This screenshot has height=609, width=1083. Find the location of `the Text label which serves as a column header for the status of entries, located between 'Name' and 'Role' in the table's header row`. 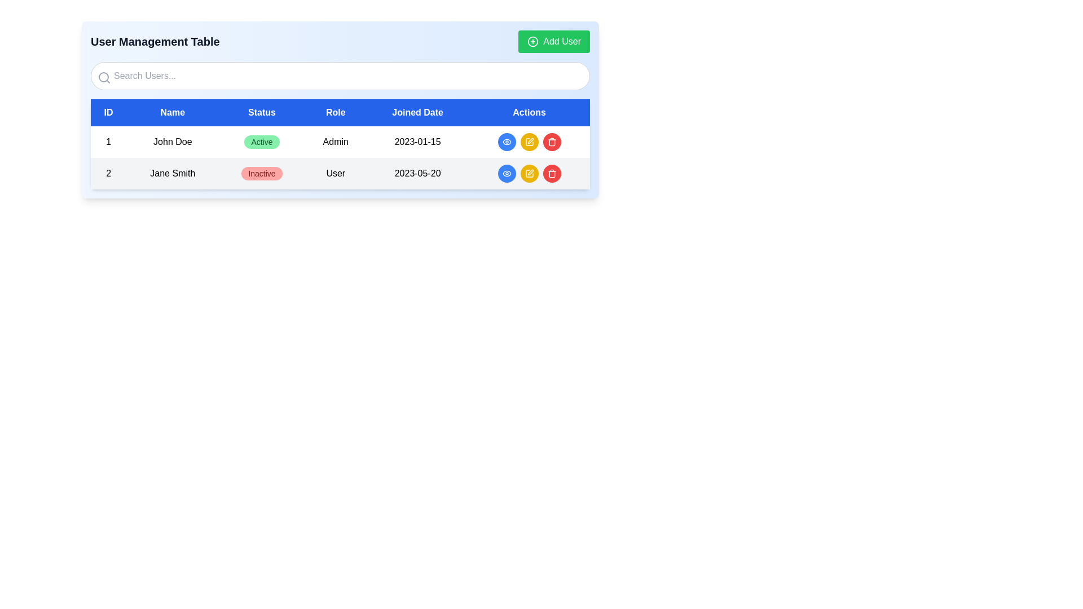

the Text label which serves as a column header for the status of entries, located between 'Name' and 'Role' in the table's header row is located at coordinates (261, 113).